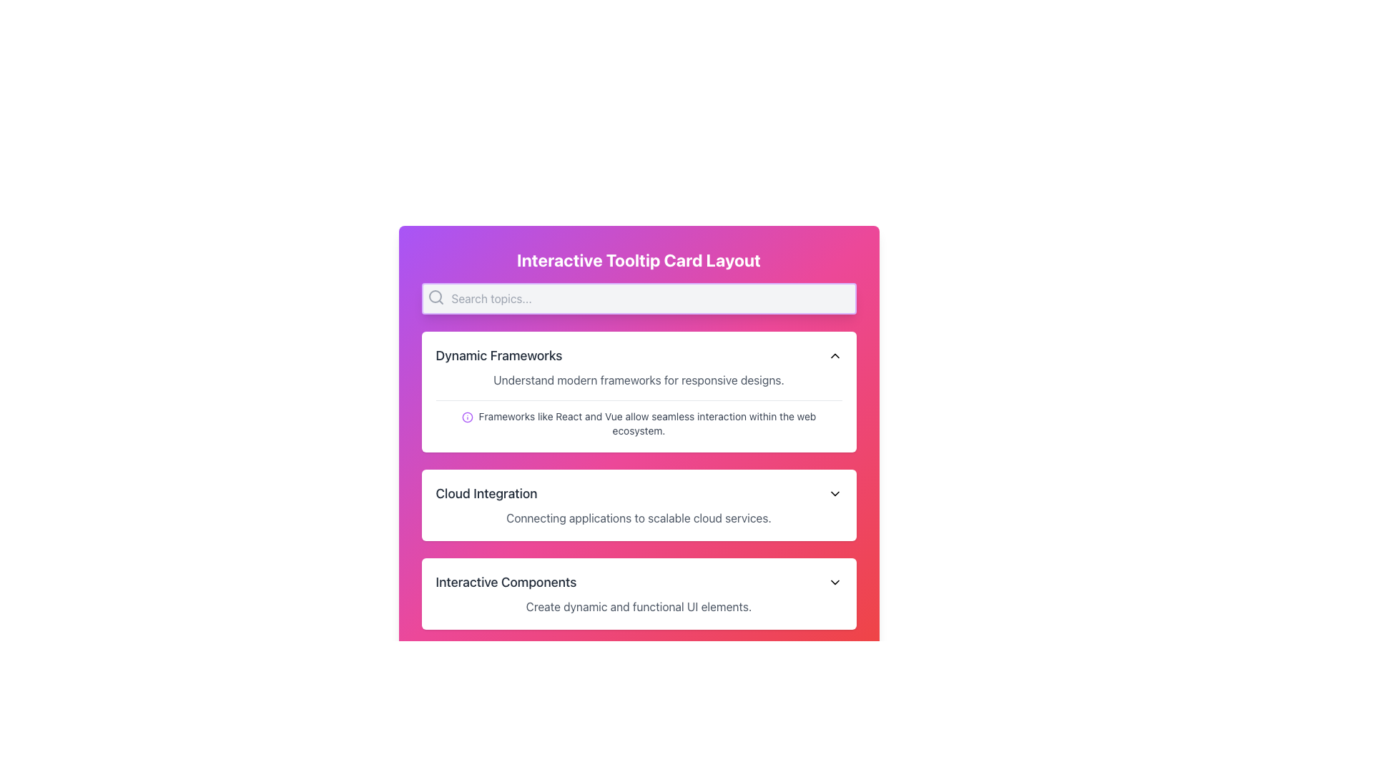 Image resolution: width=1373 pixels, height=772 pixels. Describe the element at coordinates (638, 518) in the screenshot. I see `the text description that reads 'Connecting applications to scalable cloud services.' located below the title 'Cloud Integration.'` at that location.